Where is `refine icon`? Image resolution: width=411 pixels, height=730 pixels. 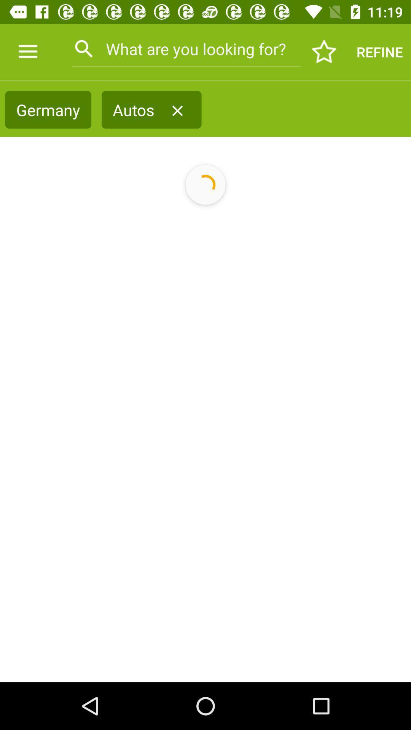 refine icon is located at coordinates (379, 51).